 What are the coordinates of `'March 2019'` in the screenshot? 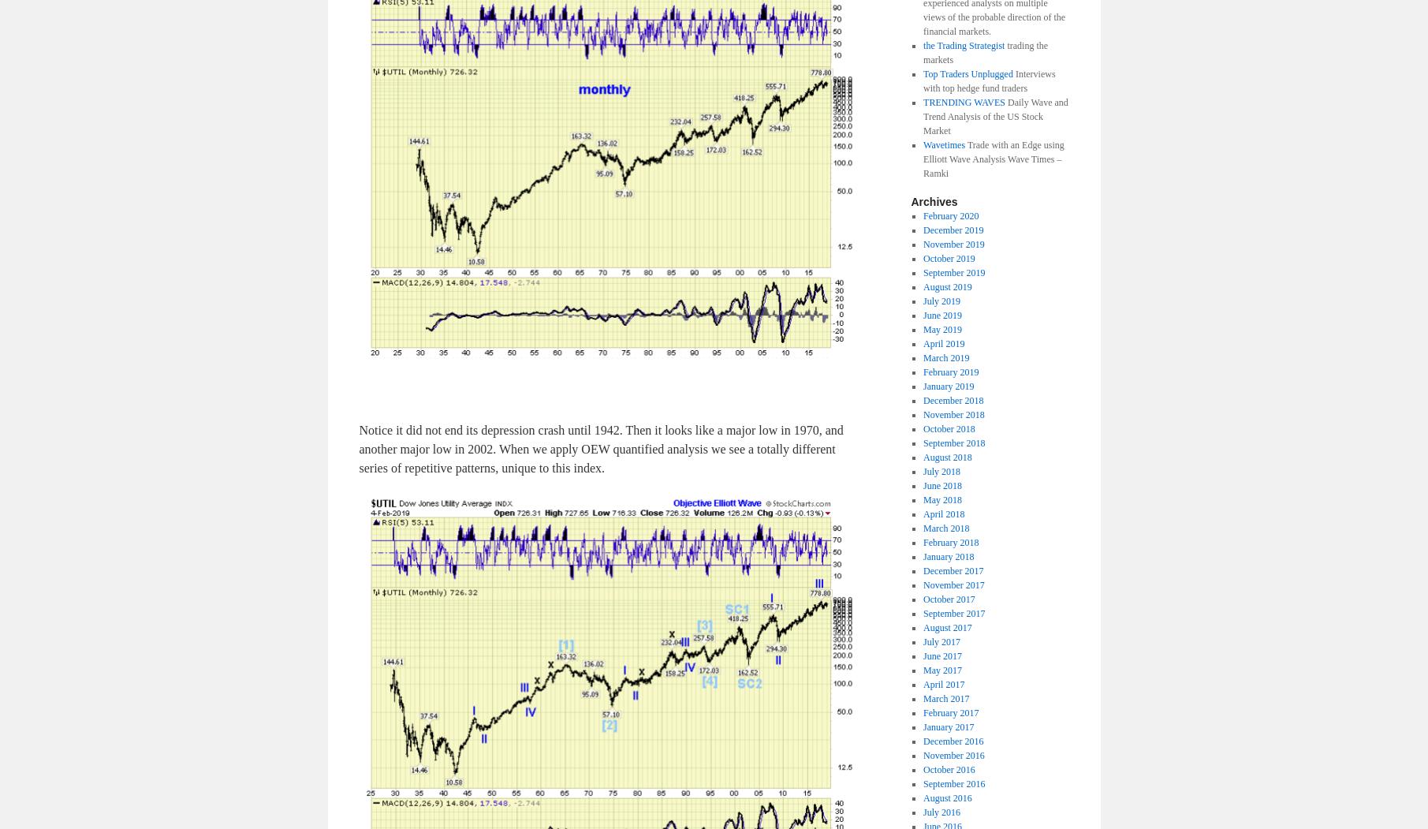 It's located at (945, 356).